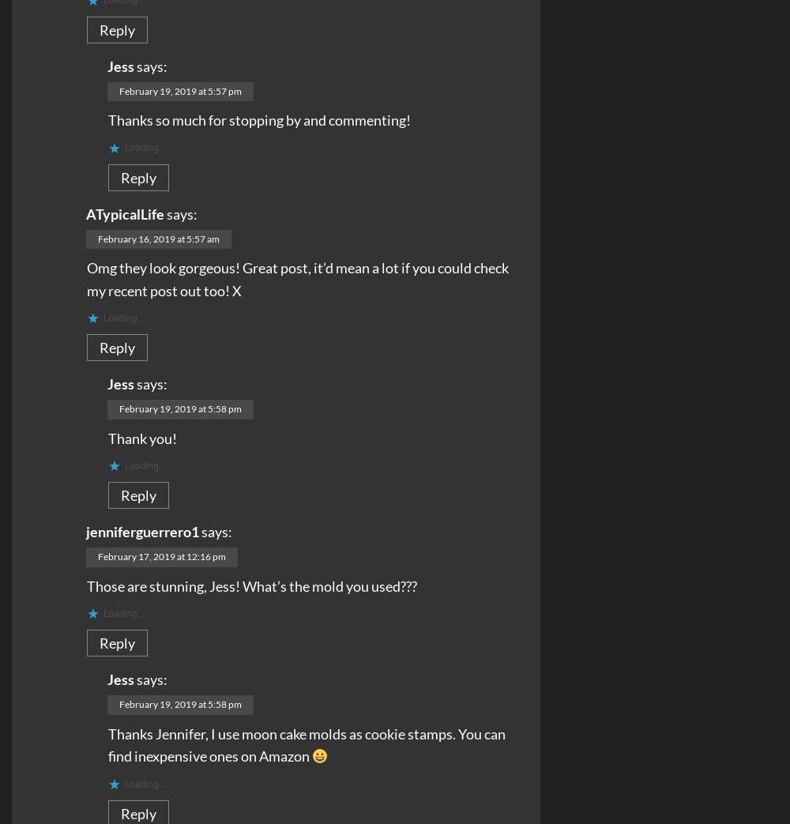 The width and height of the screenshot is (790, 824). What do you see at coordinates (142, 438) in the screenshot?
I see `'Thank you!'` at bounding box center [142, 438].